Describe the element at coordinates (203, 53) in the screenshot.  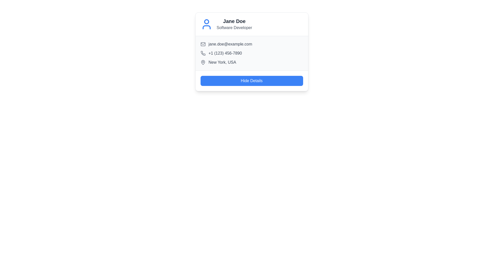
I see `the phone icon element, which is a small gray phone symbol with a modern design, located to the left of the phone number text '+1 (123) 456-7890'` at that location.